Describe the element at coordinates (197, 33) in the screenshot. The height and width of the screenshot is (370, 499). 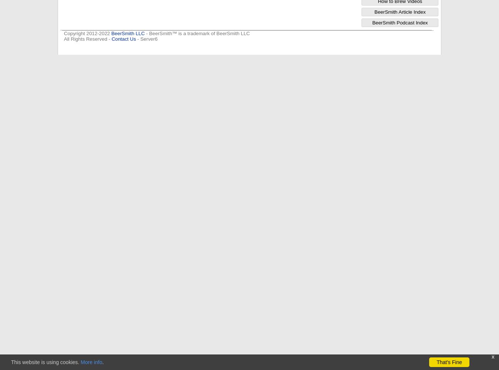
I see `'- BeerSmith™ is a trademark of BeerSmith LLC'` at that location.